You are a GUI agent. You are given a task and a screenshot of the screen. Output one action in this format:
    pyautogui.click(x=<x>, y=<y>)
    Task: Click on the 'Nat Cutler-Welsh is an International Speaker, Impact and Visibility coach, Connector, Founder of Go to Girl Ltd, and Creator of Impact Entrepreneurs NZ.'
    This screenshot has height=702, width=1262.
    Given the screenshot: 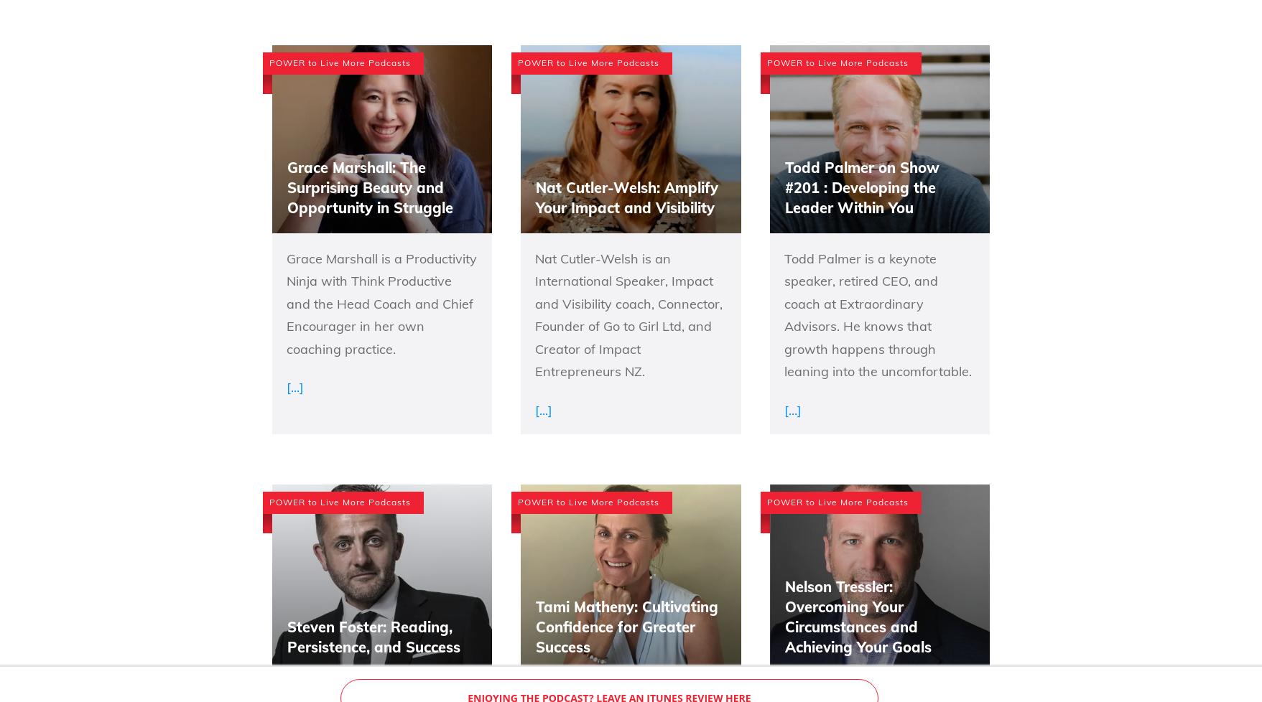 What is the action you would take?
    pyautogui.click(x=534, y=314)
    